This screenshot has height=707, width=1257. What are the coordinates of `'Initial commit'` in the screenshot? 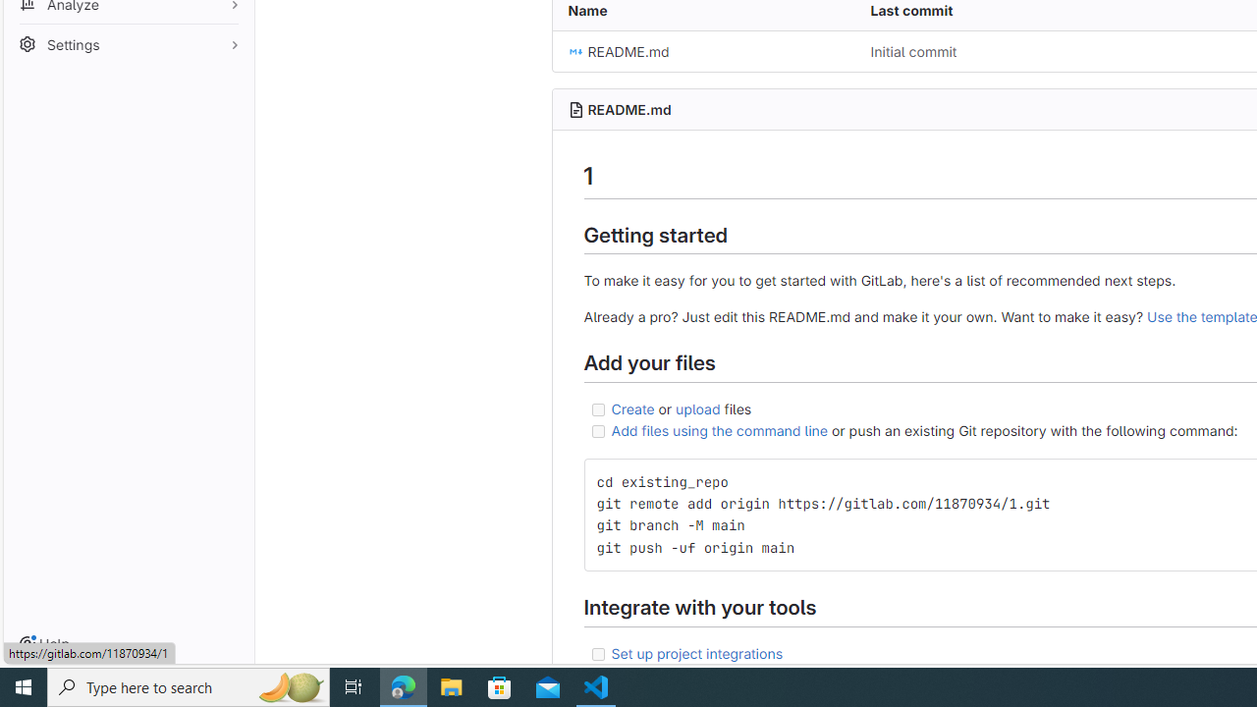 It's located at (912, 50).